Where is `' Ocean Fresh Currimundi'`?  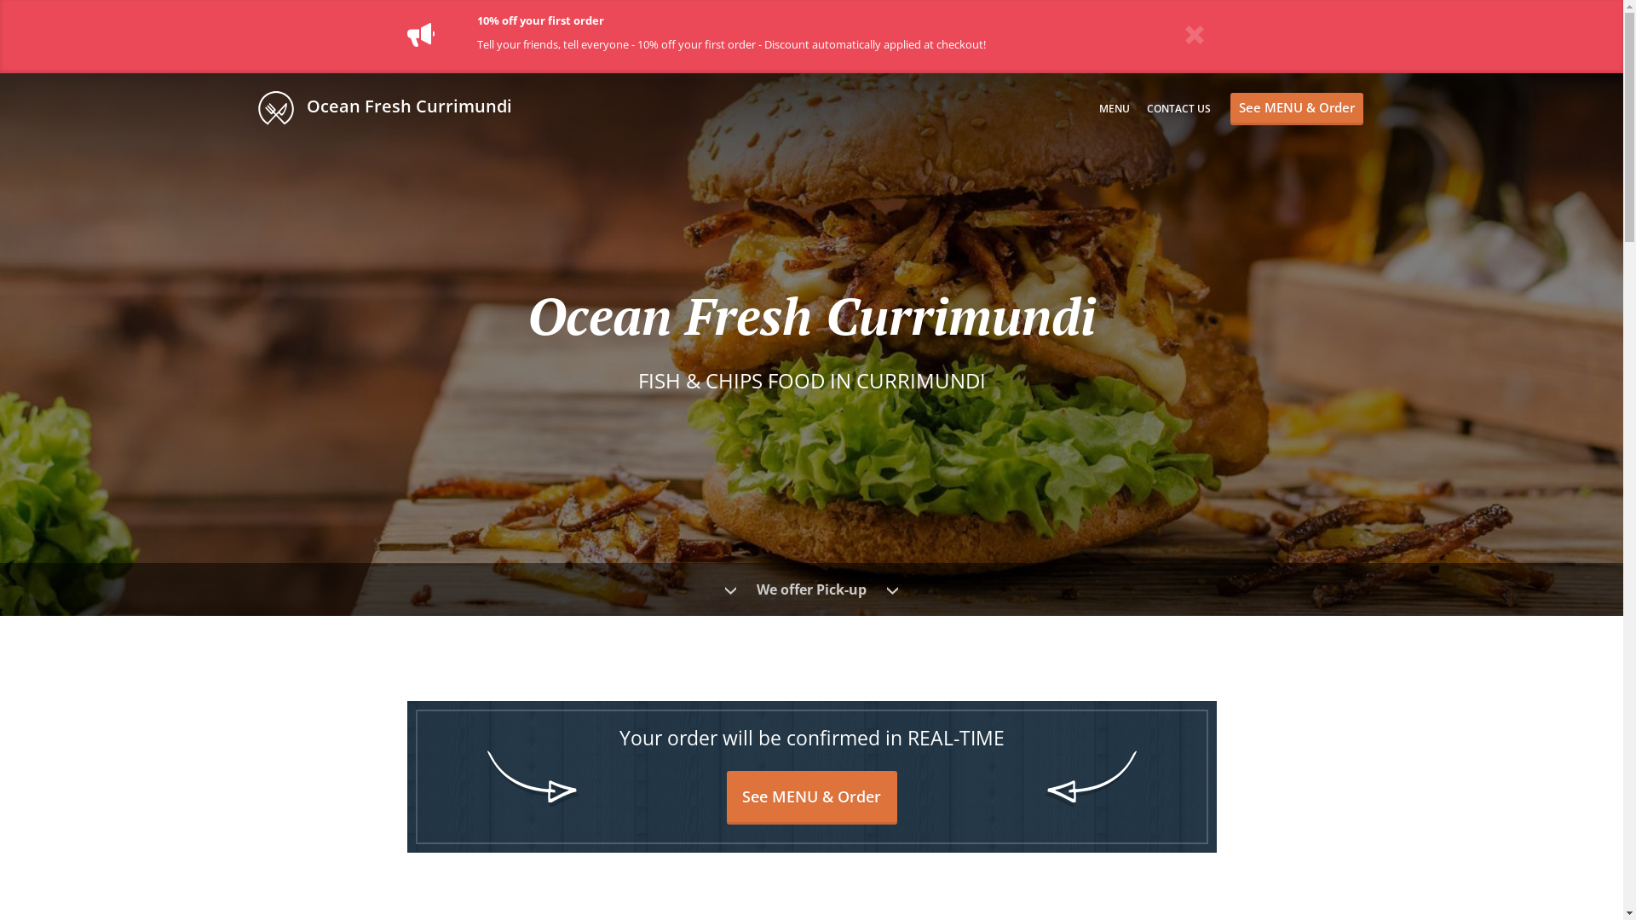 ' Ocean Fresh Currimundi' is located at coordinates (391, 107).